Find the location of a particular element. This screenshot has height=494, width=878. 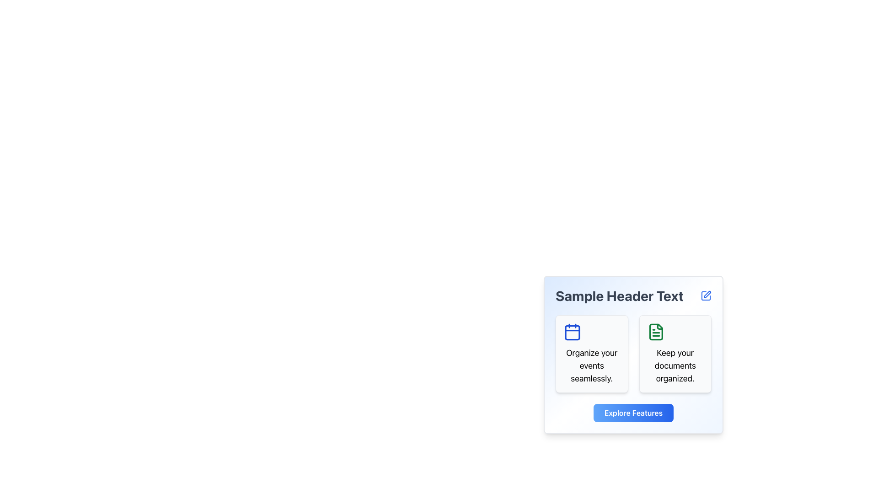

the calendar icon located in the left section of the card below the 'Sample Header Text', adjacent to a document icon and above the text 'Organize your events seamlessly' is located at coordinates (572, 332).